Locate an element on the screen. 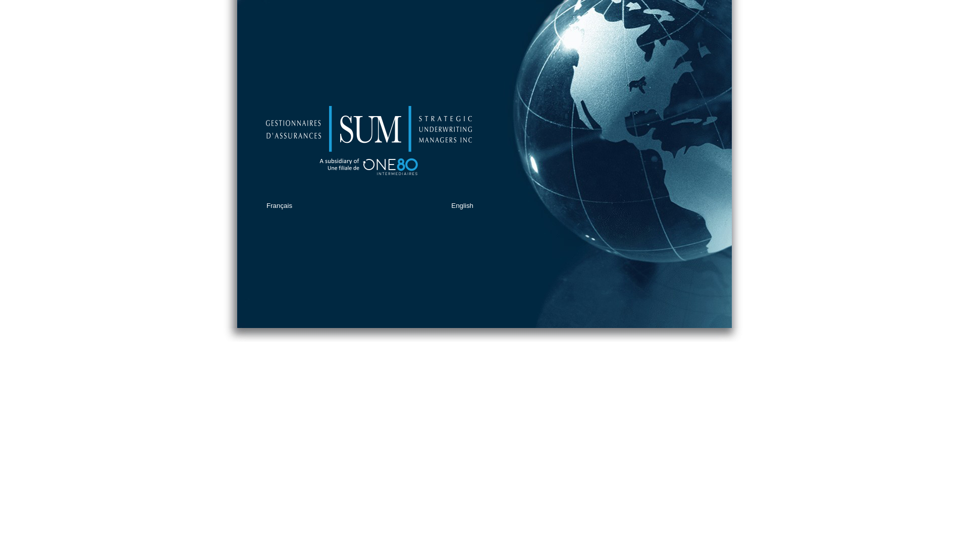 This screenshot has width=969, height=545. 'English' is located at coordinates (462, 205).